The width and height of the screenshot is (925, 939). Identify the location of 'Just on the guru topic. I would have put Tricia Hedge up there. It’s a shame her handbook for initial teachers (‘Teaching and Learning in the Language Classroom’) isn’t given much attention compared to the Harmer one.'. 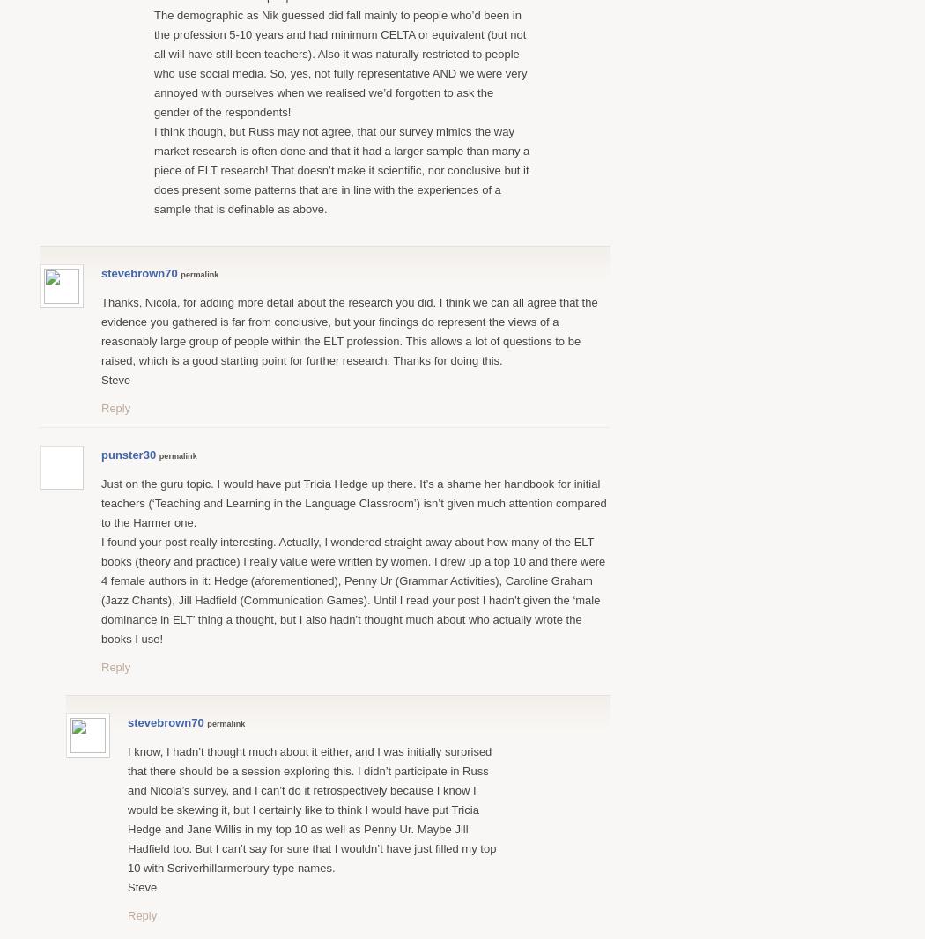
(100, 501).